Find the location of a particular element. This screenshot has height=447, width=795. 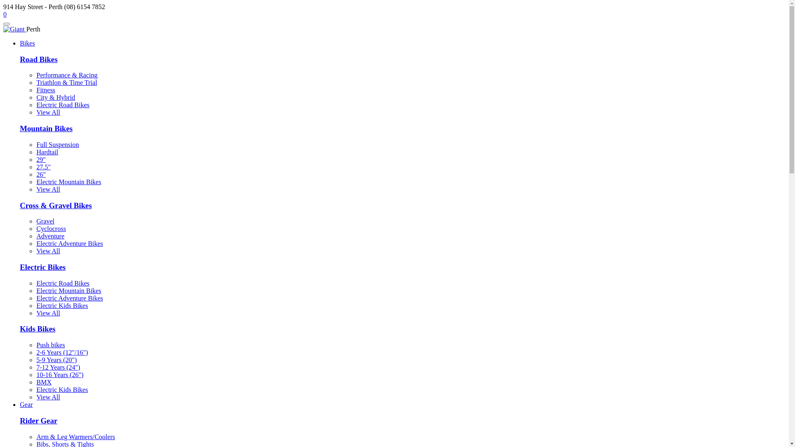

'View All' is located at coordinates (48, 112).